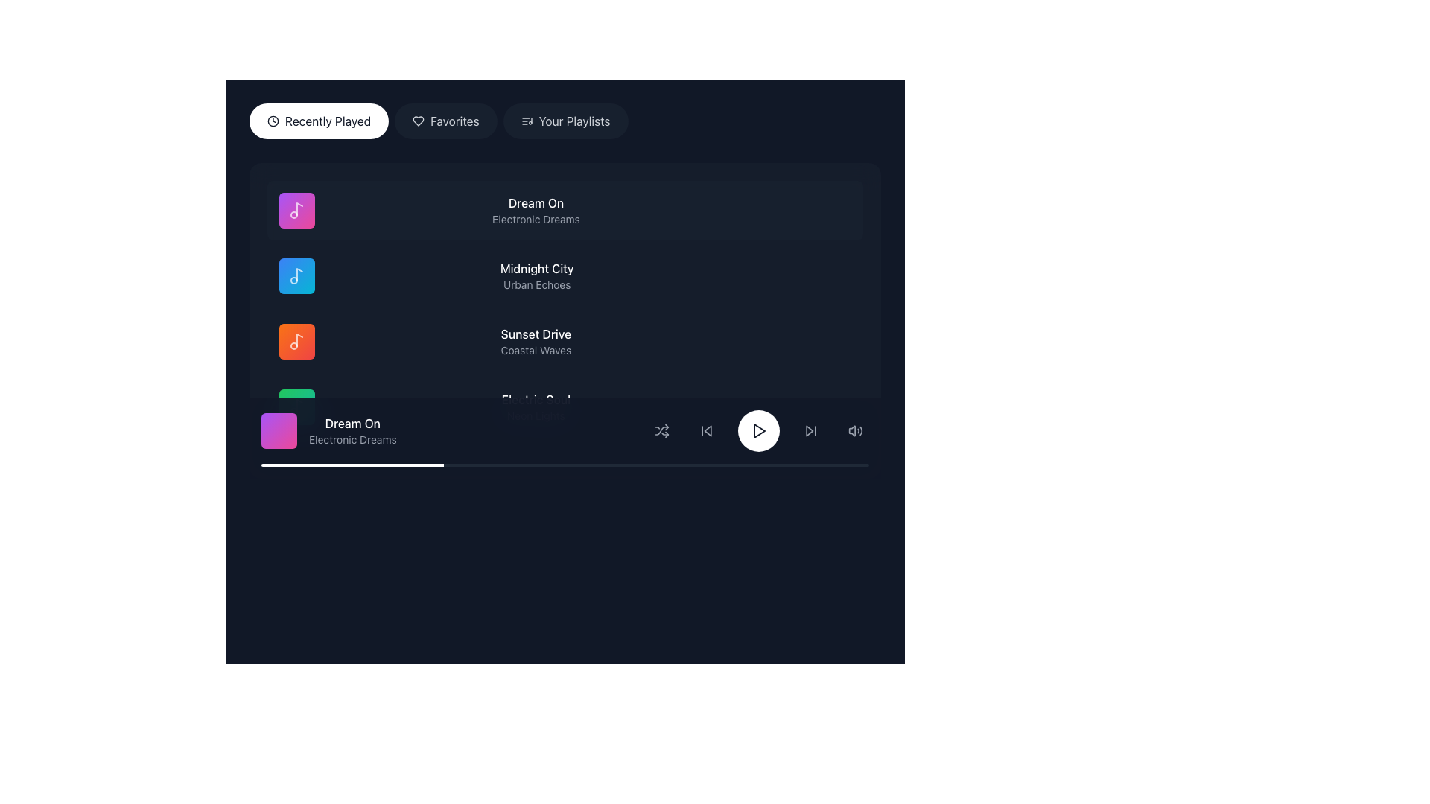 The height and width of the screenshot is (804, 1430). What do you see at coordinates (706, 430) in the screenshot?
I see `the rewind button located in the horizontal row of control buttons at the center bottom of the media player interface to skip to the previous track` at bounding box center [706, 430].